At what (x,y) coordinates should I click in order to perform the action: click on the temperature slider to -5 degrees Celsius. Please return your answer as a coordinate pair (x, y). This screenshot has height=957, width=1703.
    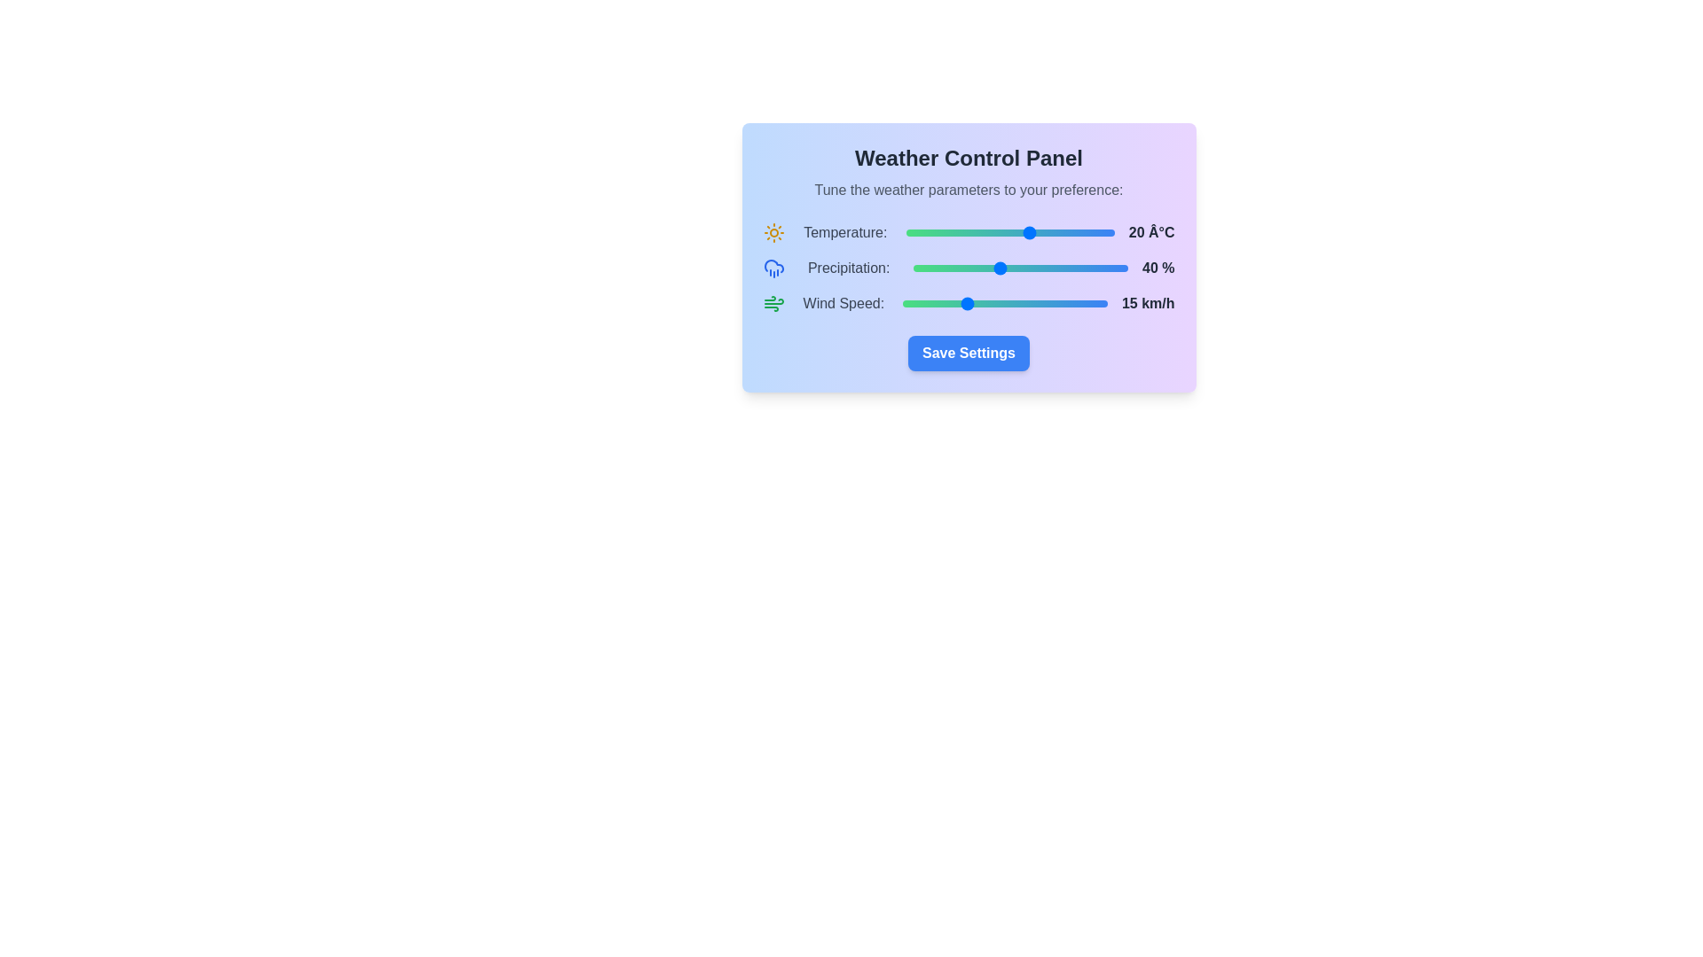
    Looking at the image, I should click on (926, 231).